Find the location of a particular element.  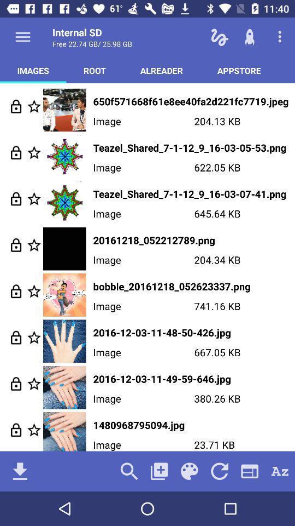

image is located at coordinates (34, 290).